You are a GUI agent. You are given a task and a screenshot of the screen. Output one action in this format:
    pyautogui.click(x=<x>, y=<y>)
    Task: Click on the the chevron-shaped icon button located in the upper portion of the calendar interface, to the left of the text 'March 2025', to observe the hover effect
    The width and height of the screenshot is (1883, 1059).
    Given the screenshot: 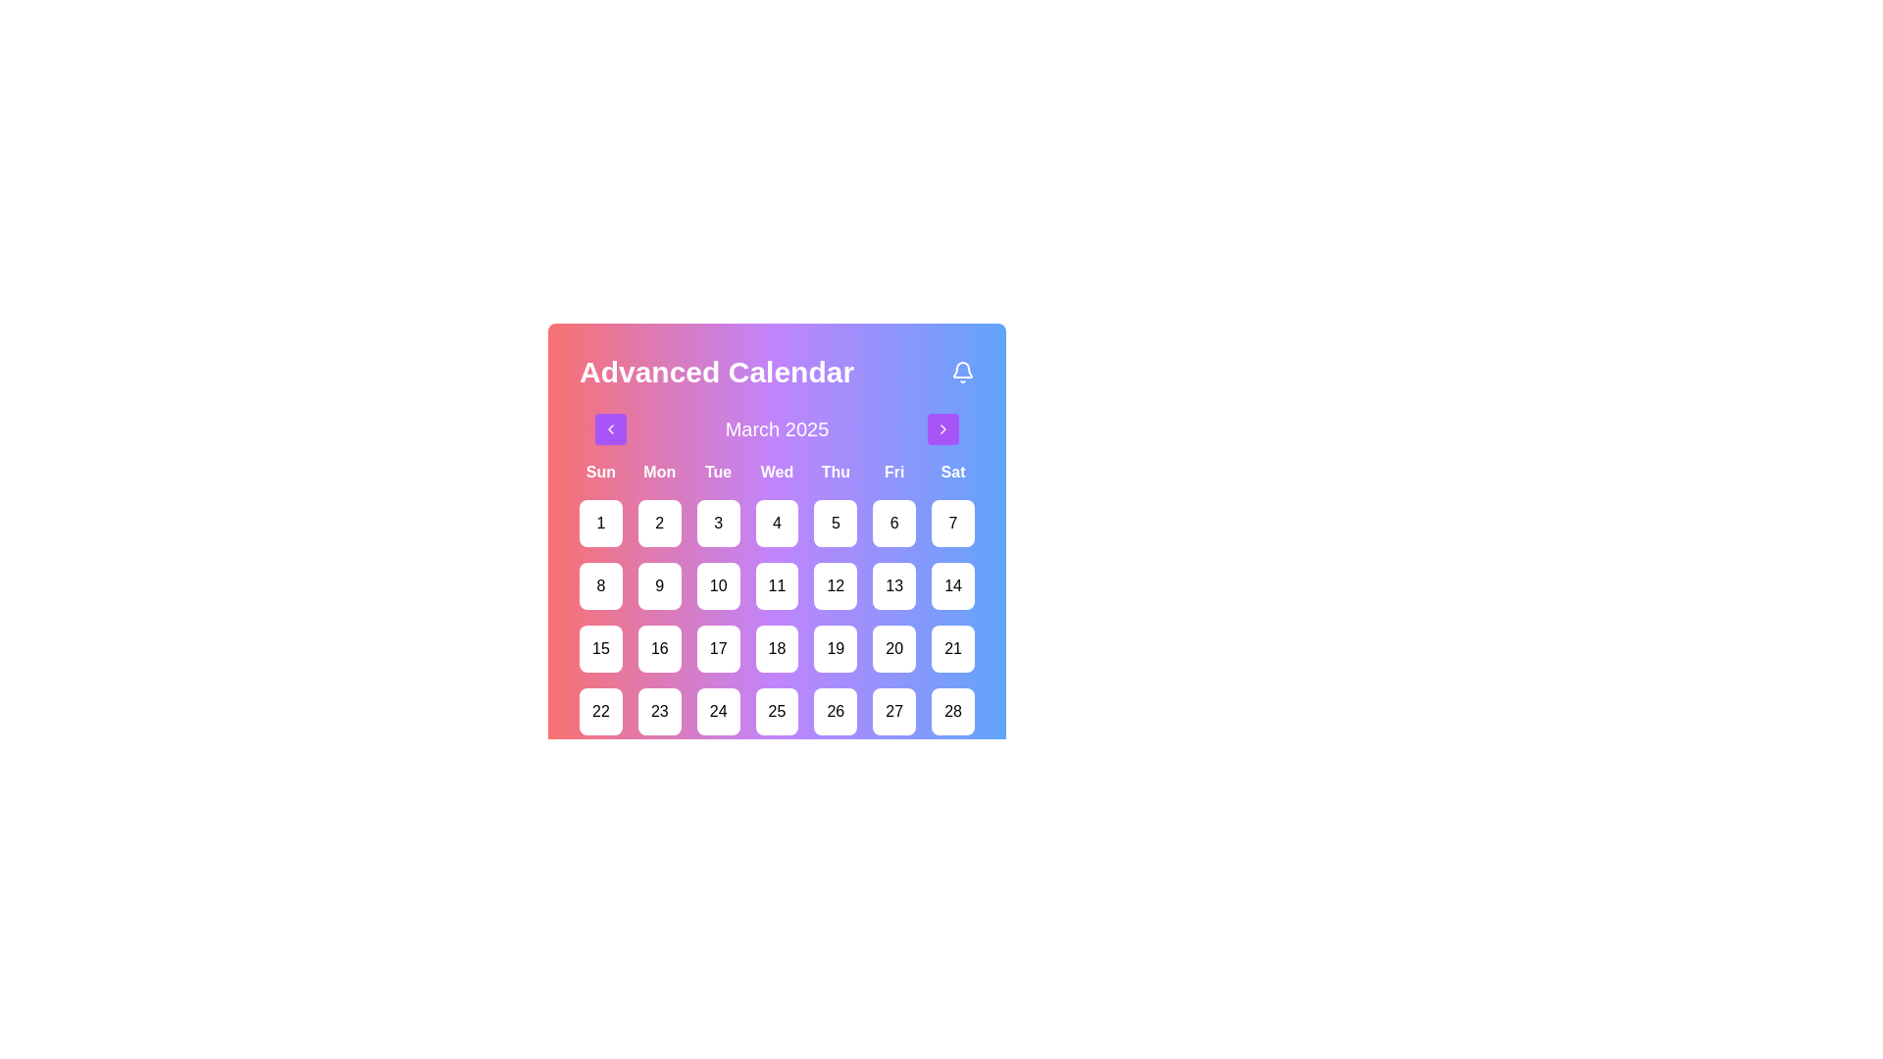 What is the action you would take?
    pyautogui.click(x=610, y=429)
    